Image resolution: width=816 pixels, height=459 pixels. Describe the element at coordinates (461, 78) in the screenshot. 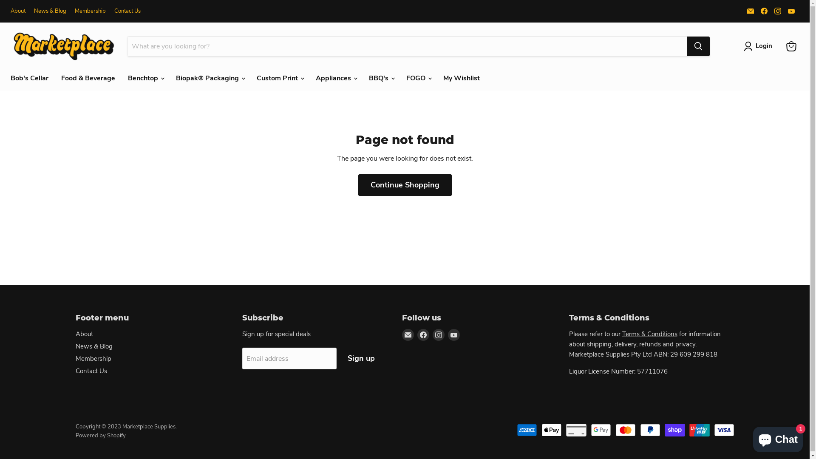

I see `'My Wishlist'` at that location.